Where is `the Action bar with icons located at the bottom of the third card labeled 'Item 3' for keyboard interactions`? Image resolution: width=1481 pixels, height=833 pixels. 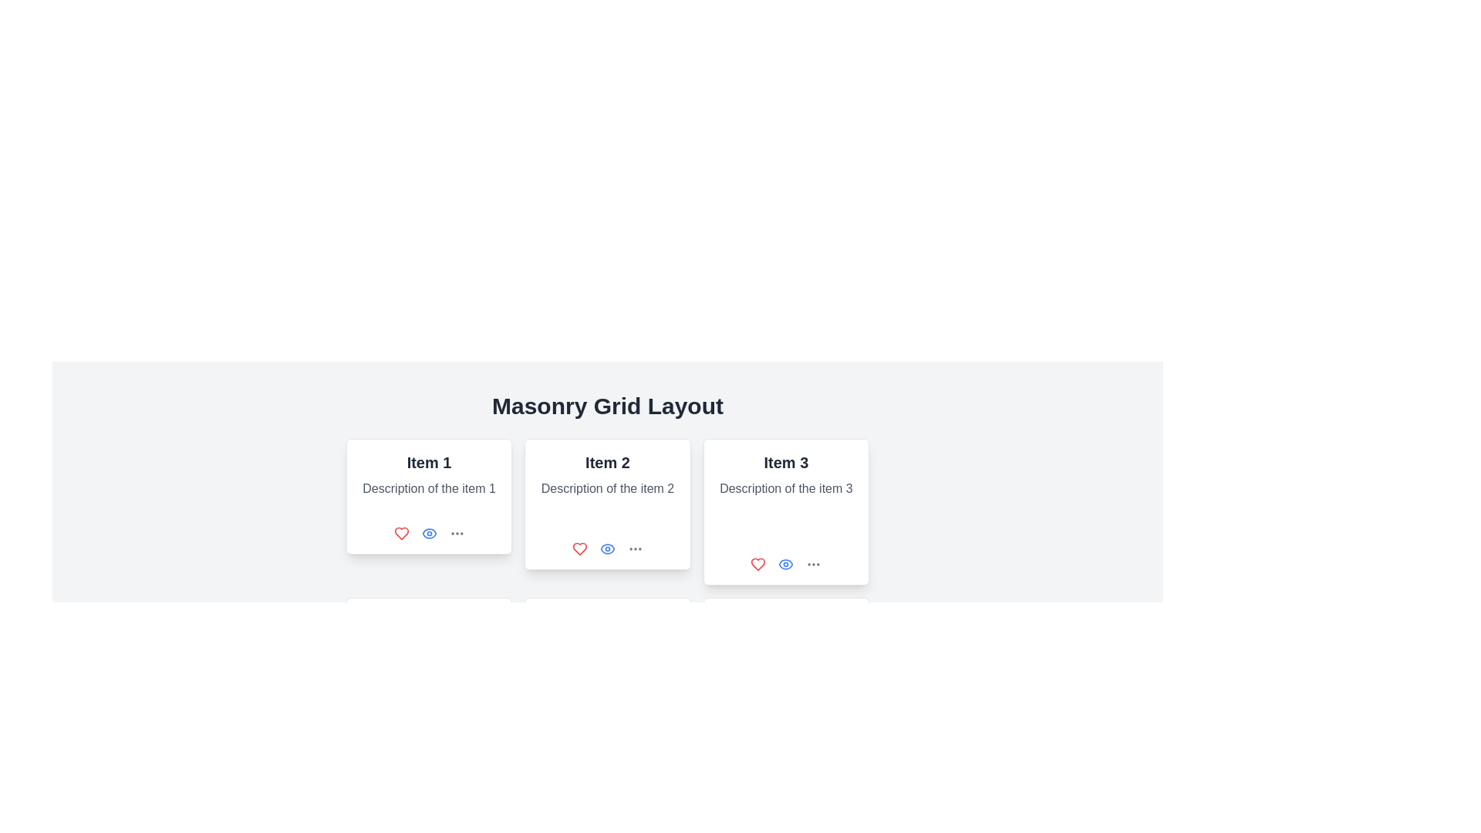
the Action bar with icons located at the bottom of the third card labeled 'Item 3' for keyboard interactions is located at coordinates (786, 565).